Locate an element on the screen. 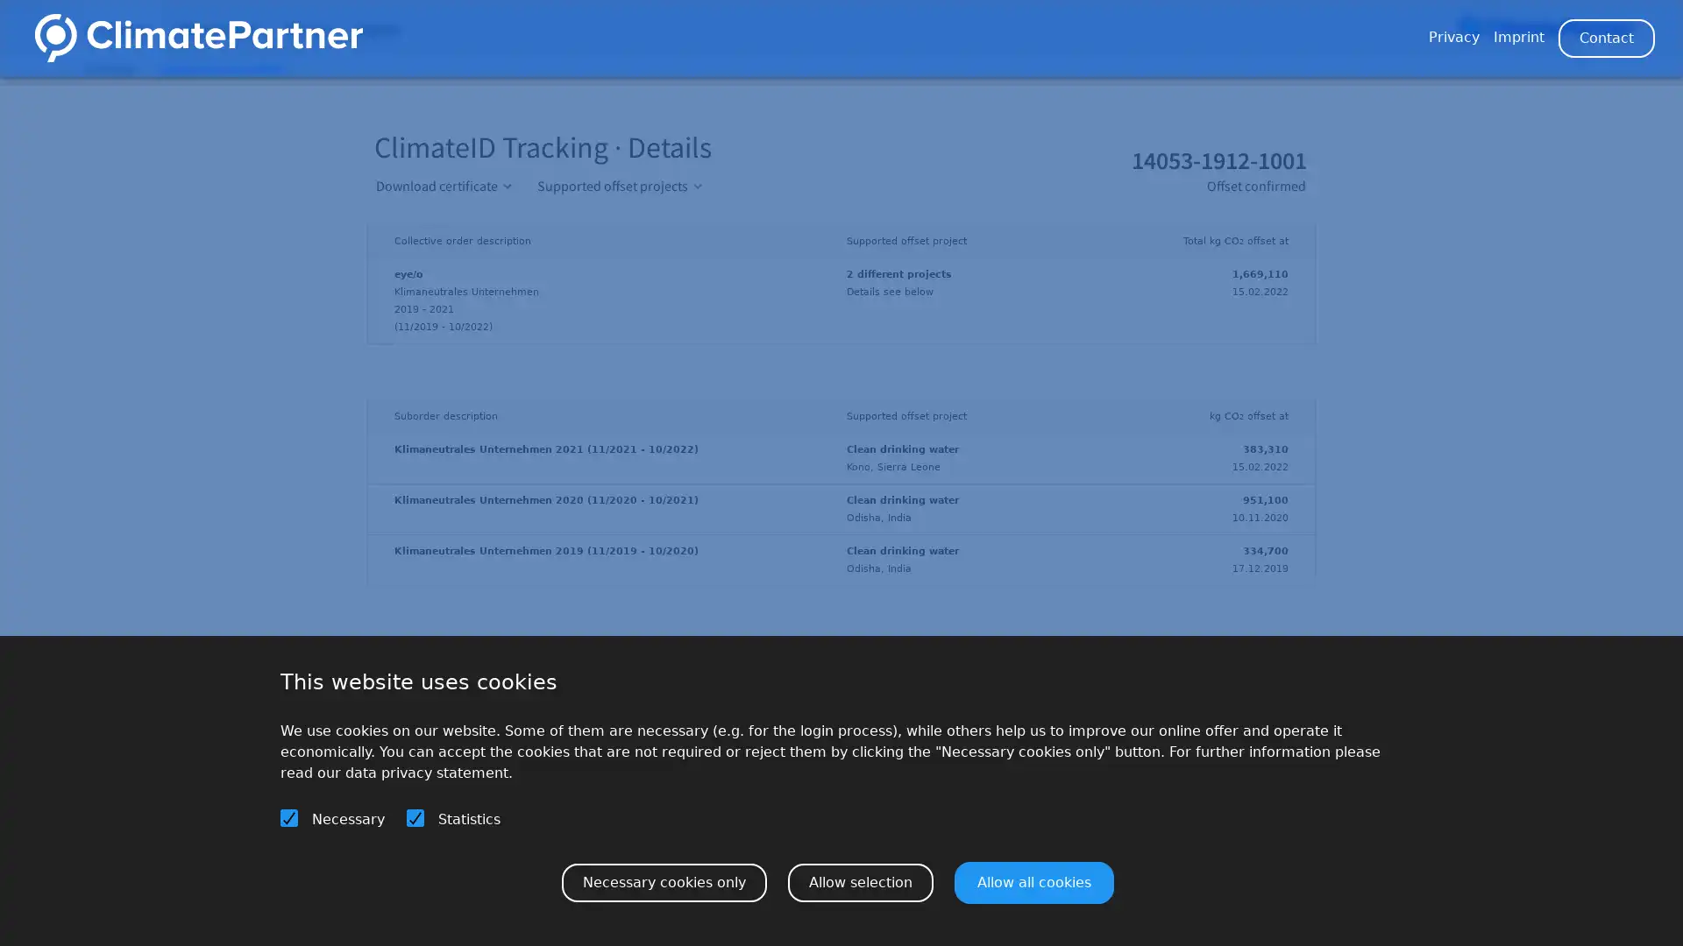  Necessary cookies only is located at coordinates (664, 881).